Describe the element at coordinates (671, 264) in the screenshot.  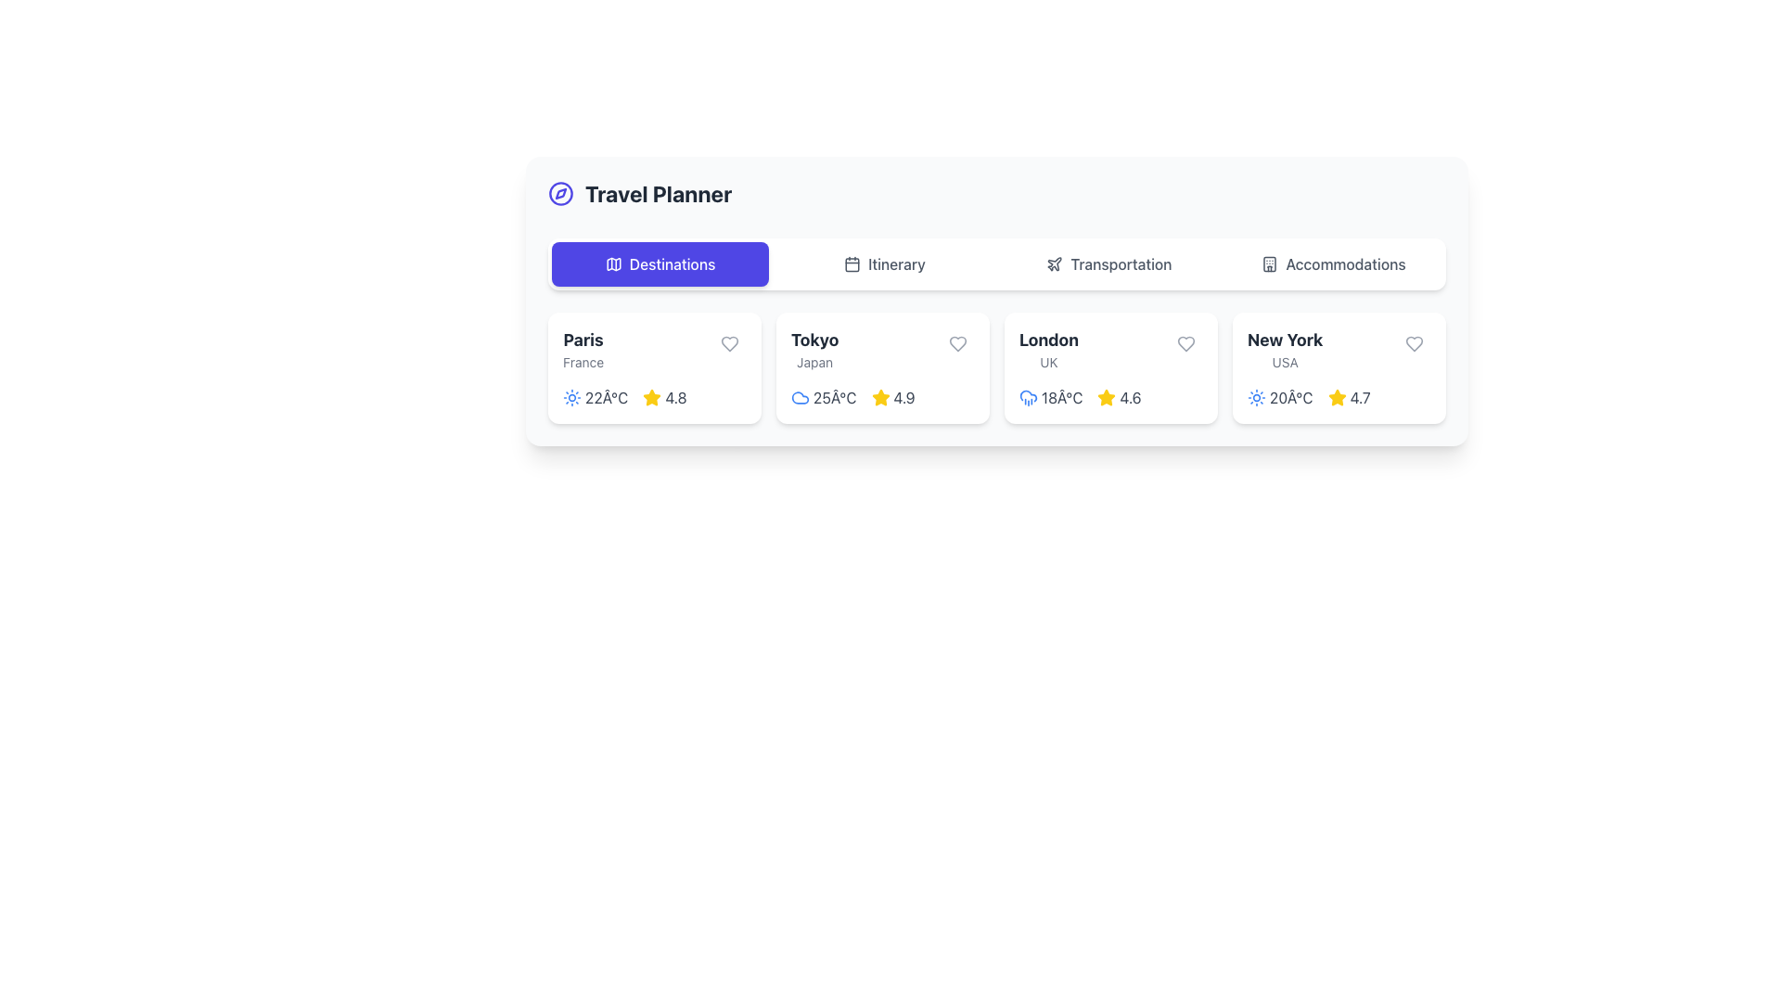
I see `the text label element that displays 'Destinations' in the top navigation bar` at that location.